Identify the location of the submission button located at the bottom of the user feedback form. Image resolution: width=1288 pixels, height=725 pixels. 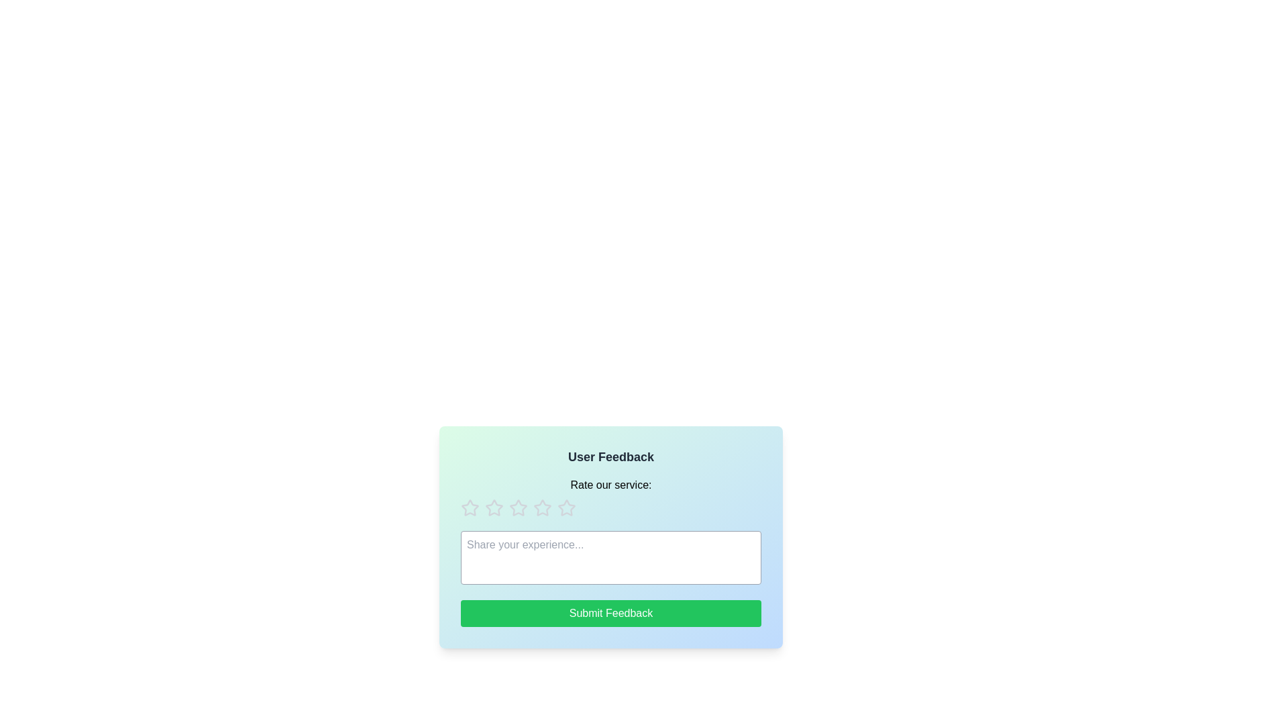
(610, 614).